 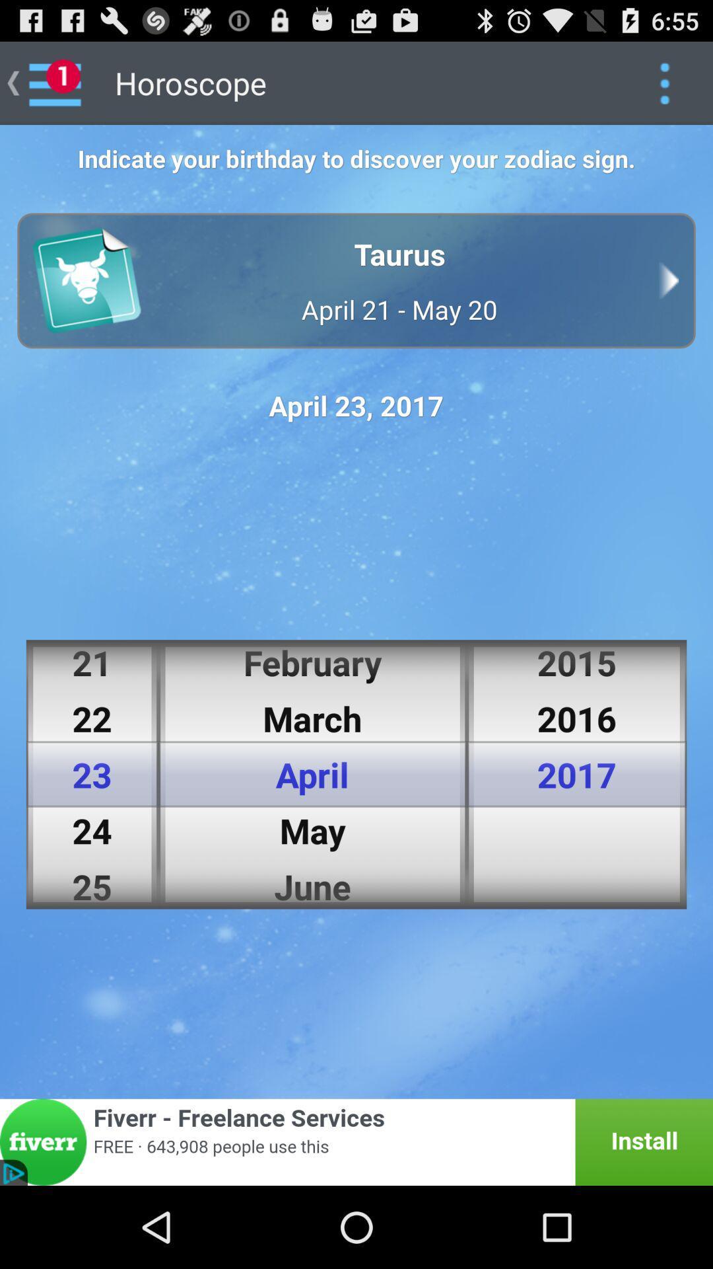 What do you see at coordinates (356, 1141) in the screenshot?
I see `advertisement banner` at bounding box center [356, 1141].